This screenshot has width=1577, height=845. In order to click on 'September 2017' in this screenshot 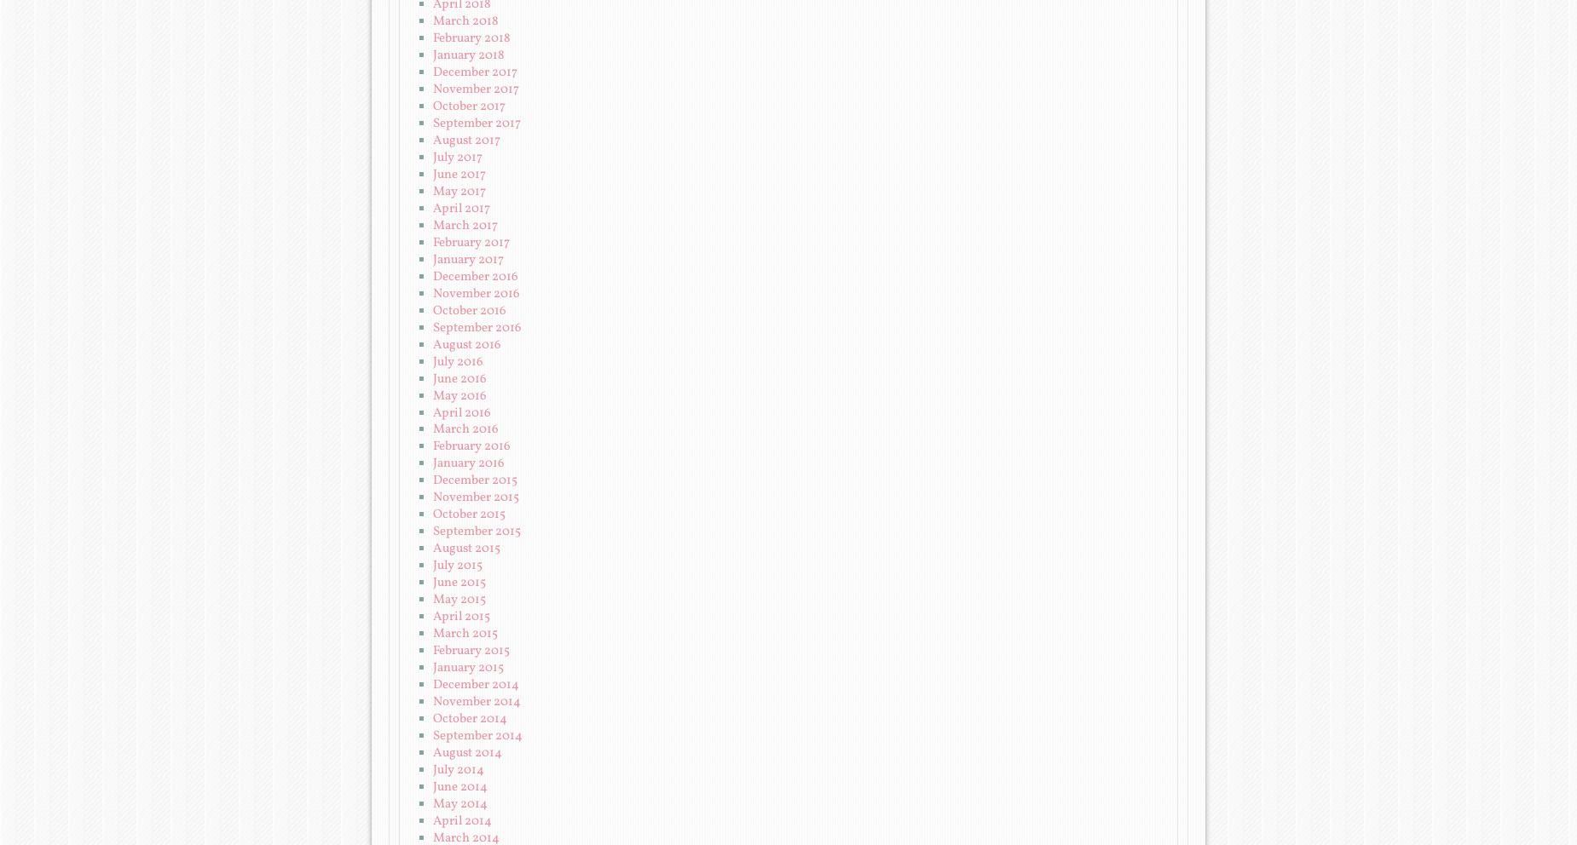, I will do `click(477, 123)`.